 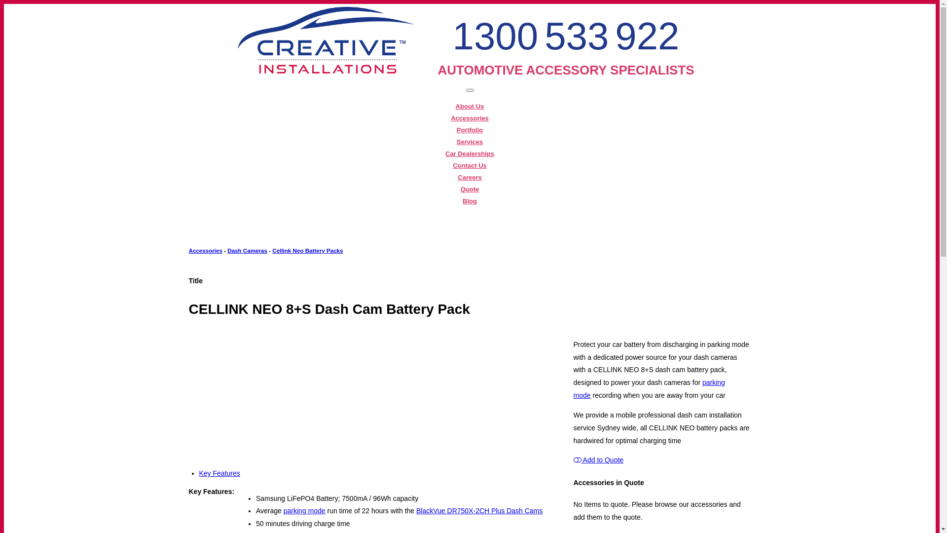 What do you see at coordinates (469, 90) in the screenshot?
I see `'Toggle navigation'` at bounding box center [469, 90].